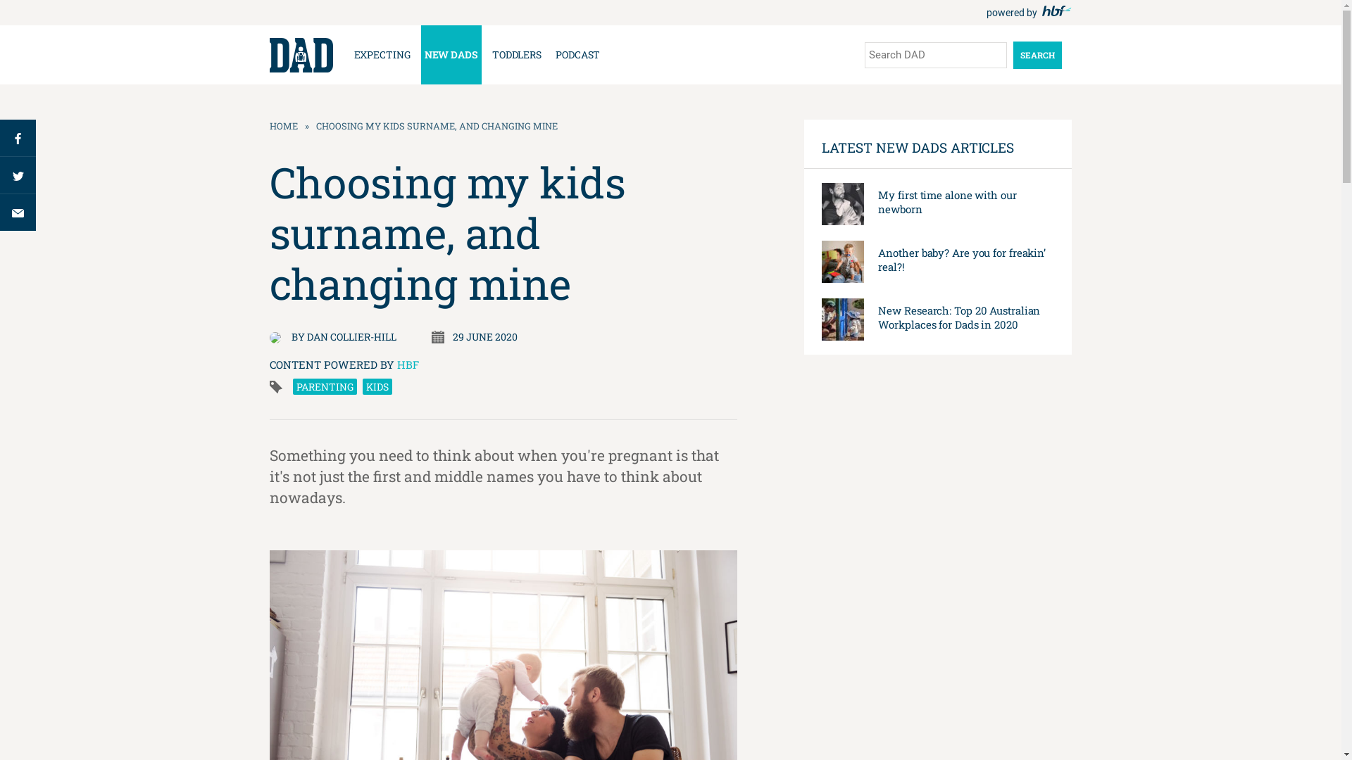  What do you see at coordinates (985, 13) in the screenshot?
I see `'powered by hbf'` at bounding box center [985, 13].